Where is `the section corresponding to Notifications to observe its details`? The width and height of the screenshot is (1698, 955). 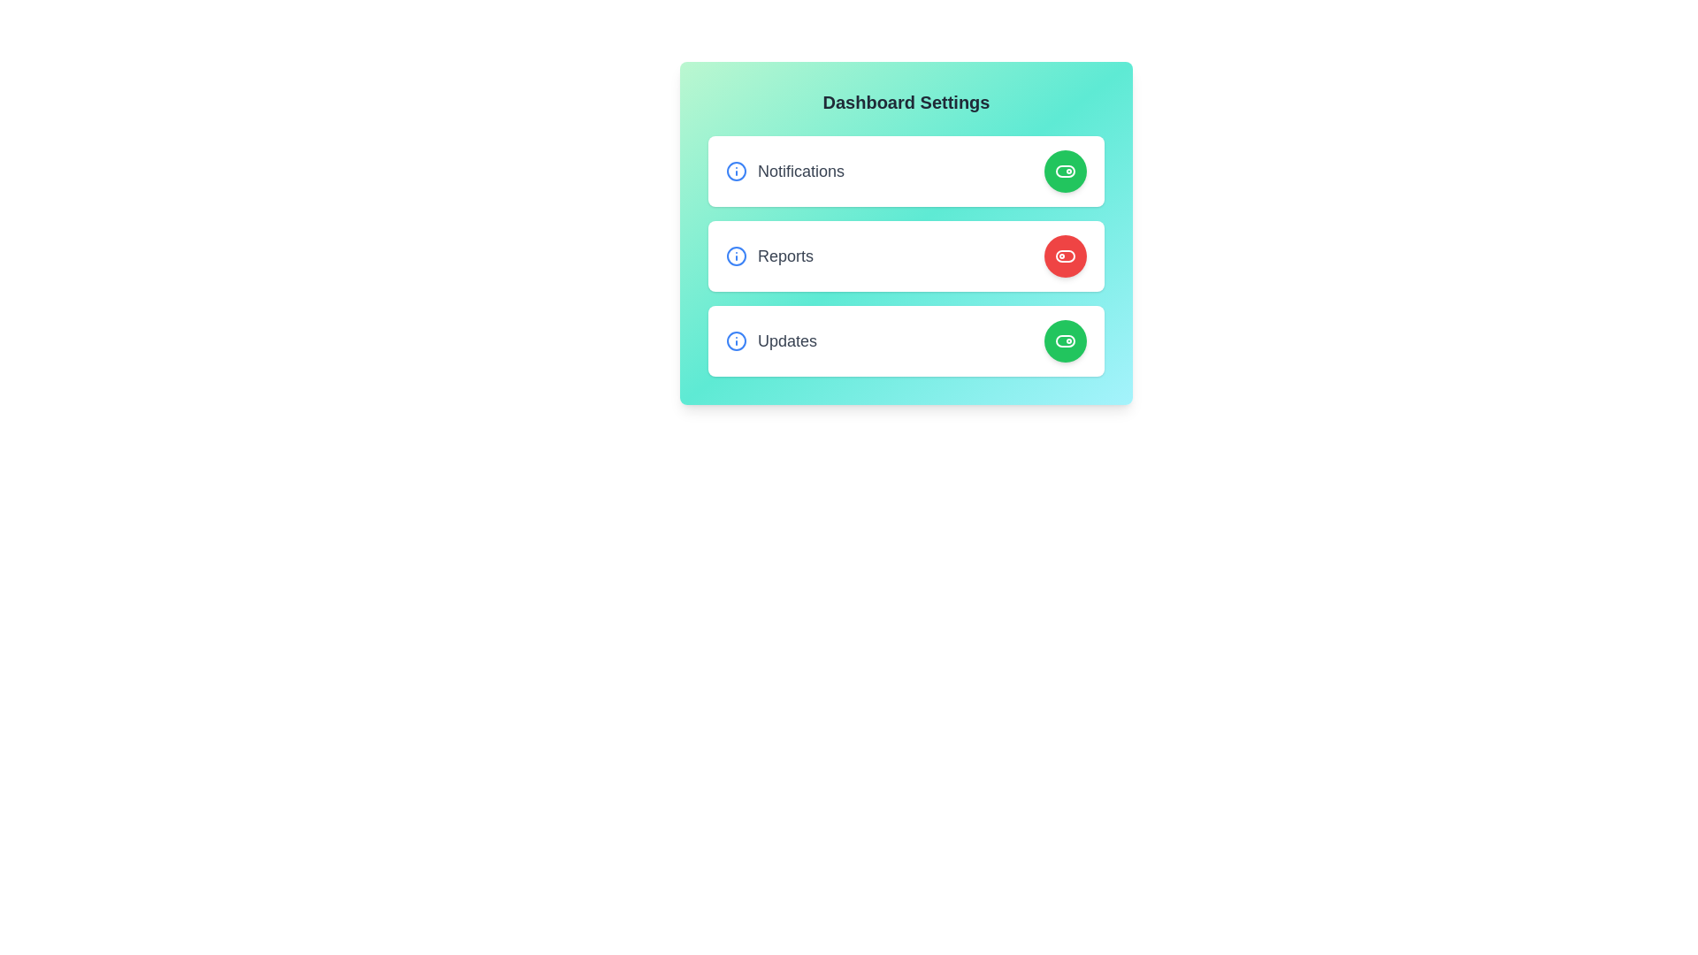
the section corresponding to Notifications to observe its details is located at coordinates (906, 171).